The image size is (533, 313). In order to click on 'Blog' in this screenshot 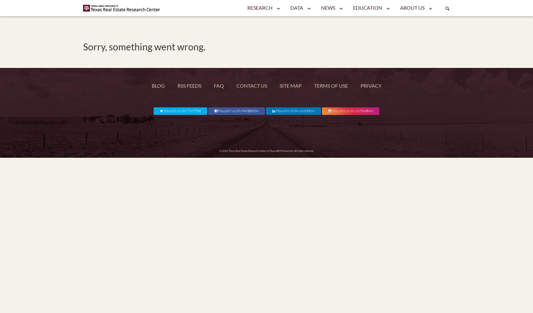, I will do `click(158, 85)`.